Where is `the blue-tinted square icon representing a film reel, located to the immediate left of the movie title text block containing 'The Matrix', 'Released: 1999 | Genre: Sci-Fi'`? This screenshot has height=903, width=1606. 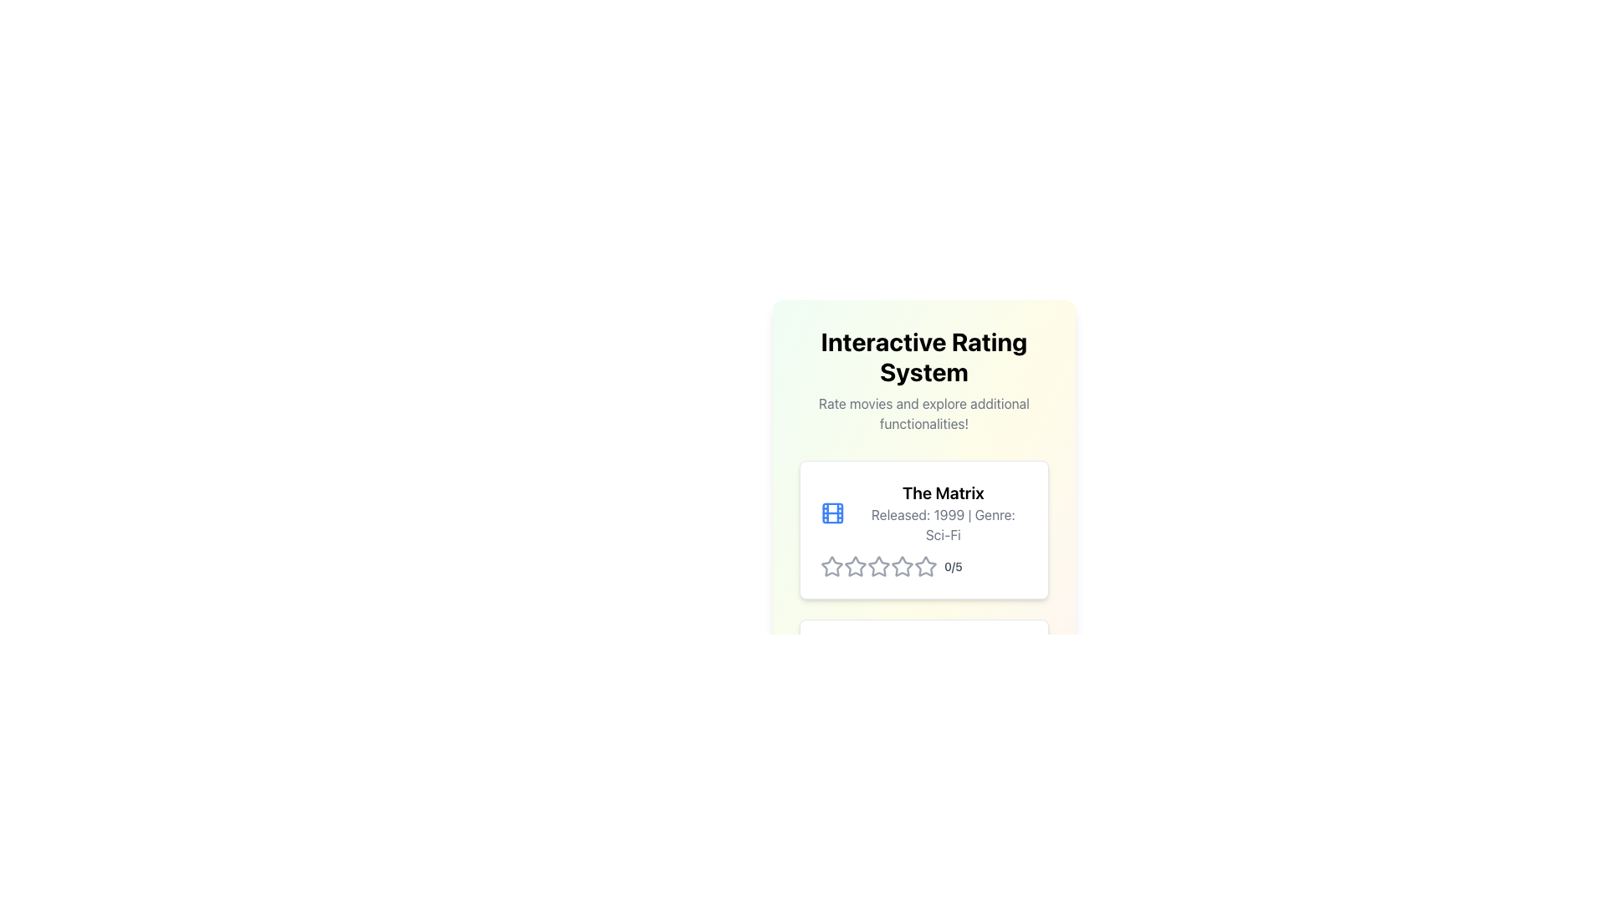 the blue-tinted square icon representing a film reel, located to the immediate left of the movie title text block containing 'The Matrix', 'Released: 1999 | Genre: Sci-Fi' is located at coordinates (832, 512).